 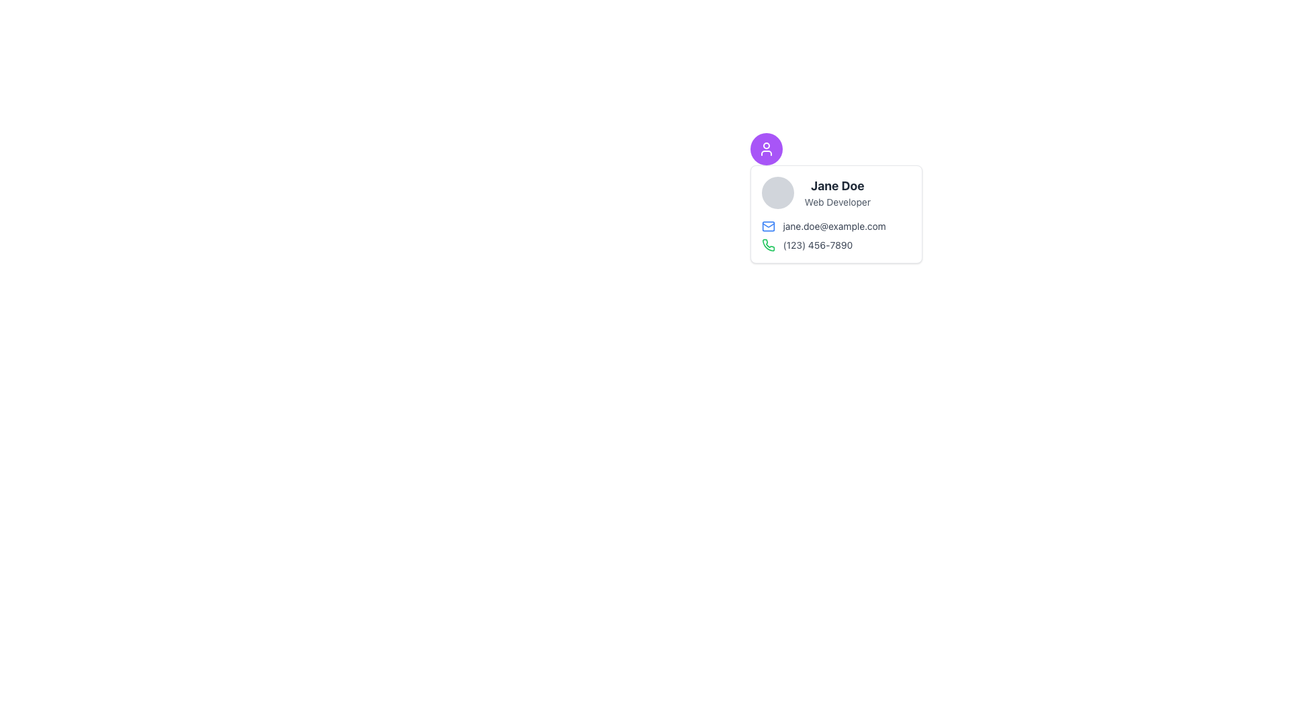 What do you see at coordinates (766, 149) in the screenshot?
I see `the user profile icon located at the top-left edge of the user information card, above the name 'Jane Doe'` at bounding box center [766, 149].